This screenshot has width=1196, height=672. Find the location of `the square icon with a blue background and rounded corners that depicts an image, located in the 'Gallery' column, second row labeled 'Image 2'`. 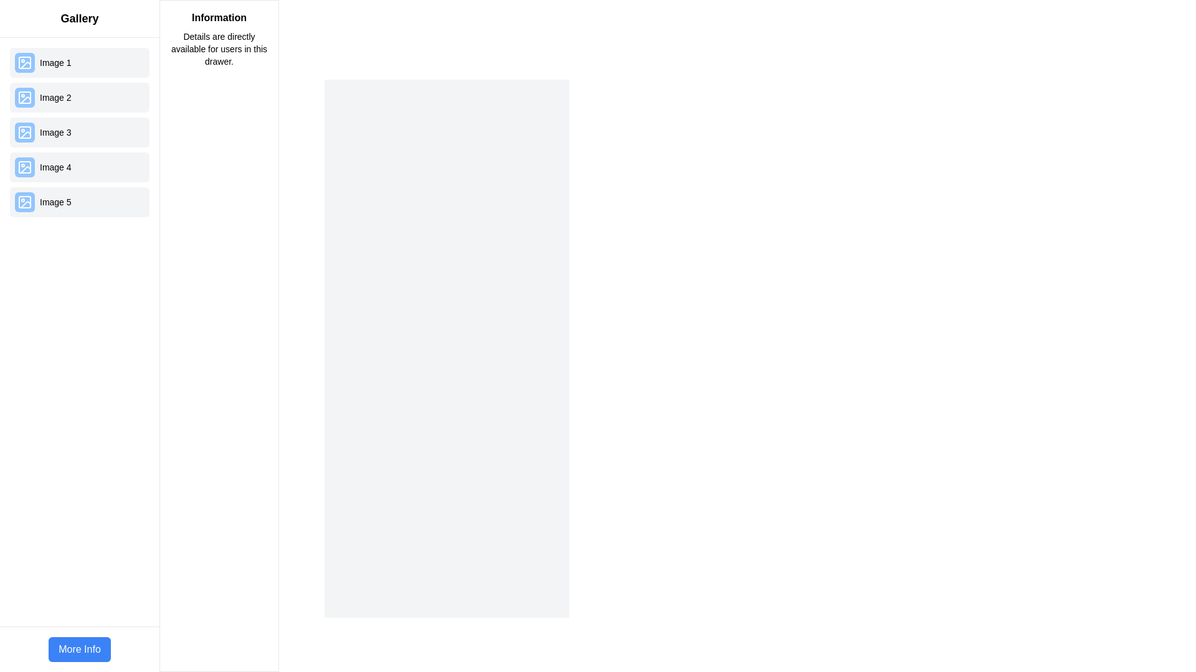

the square icon with a blue background and rounded corners that depicts an image, located in the 'Gallery' column, second row labeled 'Image 2' is located at coordinates (24, 97).